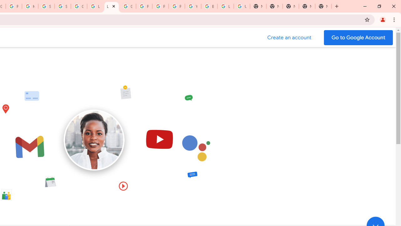 The height and width of the screenshot is (226, 401). Describe the element at coordinates (358, 37) in the screenshot. I see `'Go to your Google Account'` at that location.